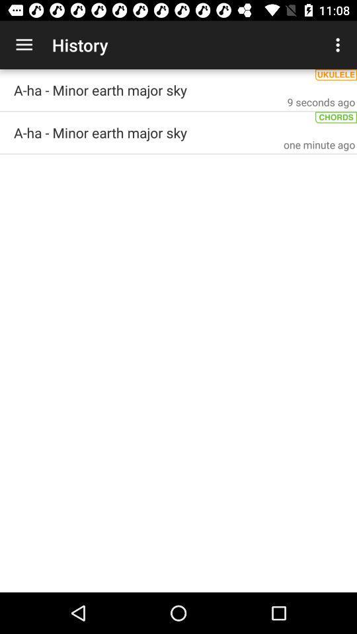  I want to click on the item above a ha minor item, so click(24, 45).